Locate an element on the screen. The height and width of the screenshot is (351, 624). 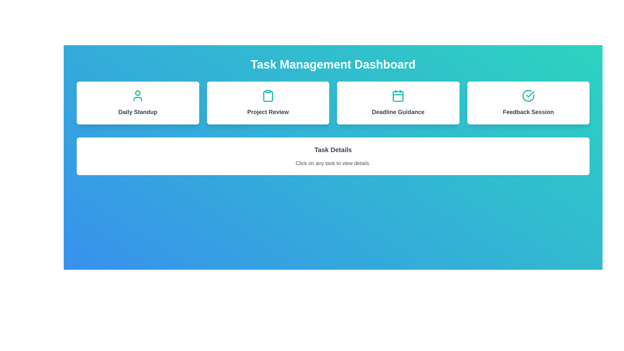
the decorative icon representing user-related content in the 'Daily Standup' card, centrally positioned in the upper half of the card is located at coordinates (137, 96).